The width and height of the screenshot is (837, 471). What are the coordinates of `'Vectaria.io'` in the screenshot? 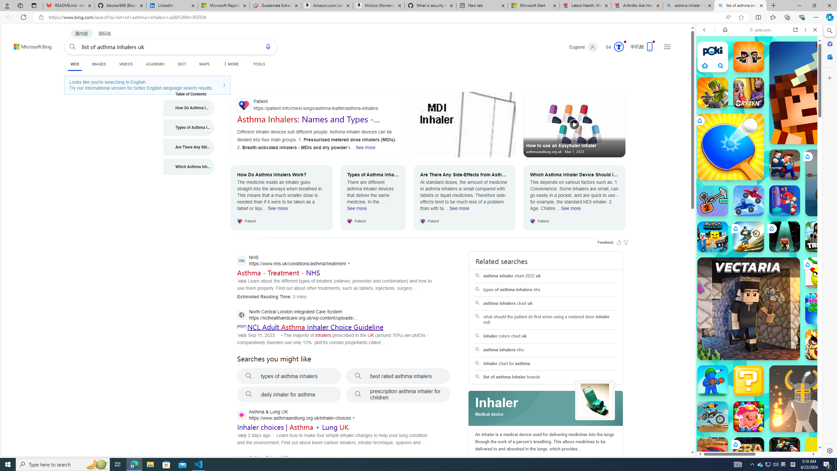 It's located at (748, 308).